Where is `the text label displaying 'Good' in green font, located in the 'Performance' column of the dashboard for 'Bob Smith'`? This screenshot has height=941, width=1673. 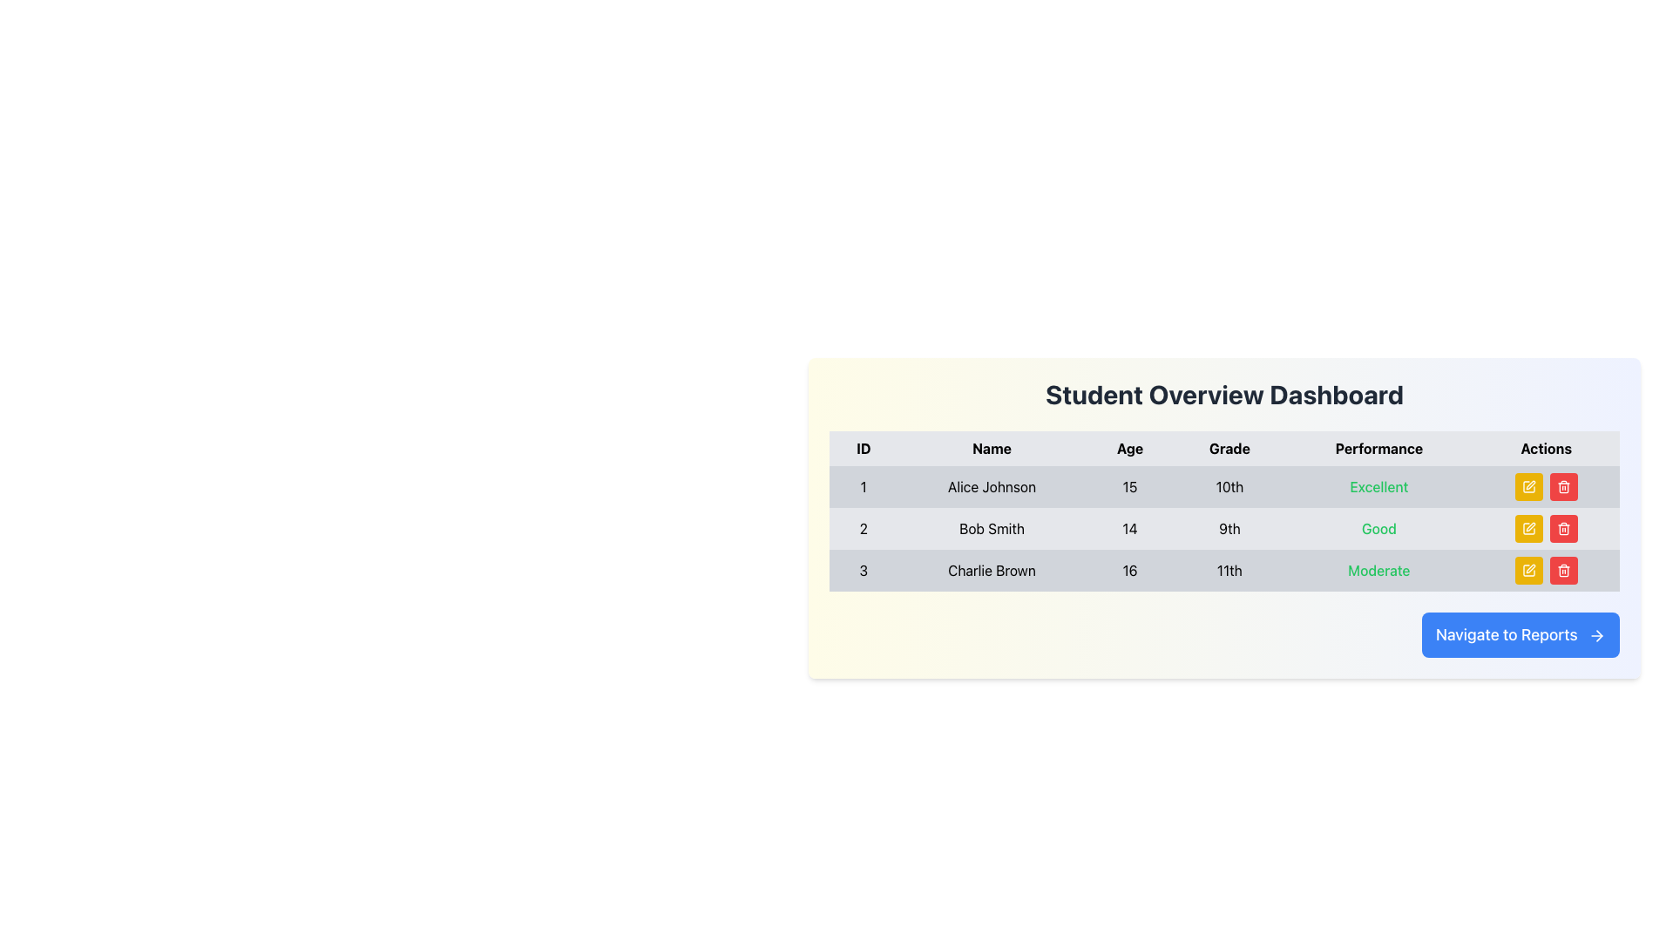 the text label displaying 'Good' in green font, located in the 'Performance' column of the dashboard for 'Bob Smith' is located at coordinates (1378, 527).